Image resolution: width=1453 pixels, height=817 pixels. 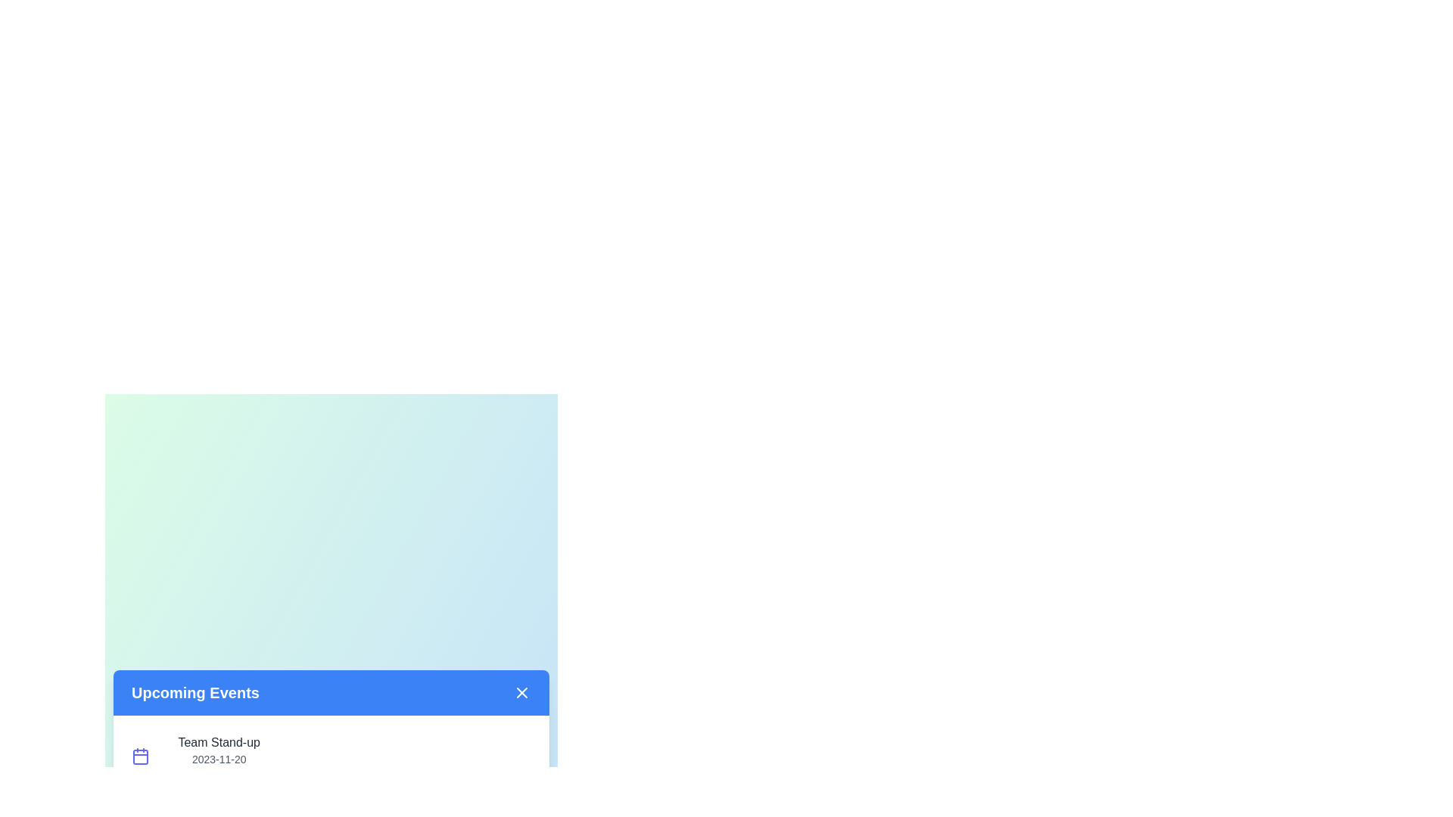 I want to click on the close button at the top-right corner of the dialog to close it, so click(x=522, y=692).